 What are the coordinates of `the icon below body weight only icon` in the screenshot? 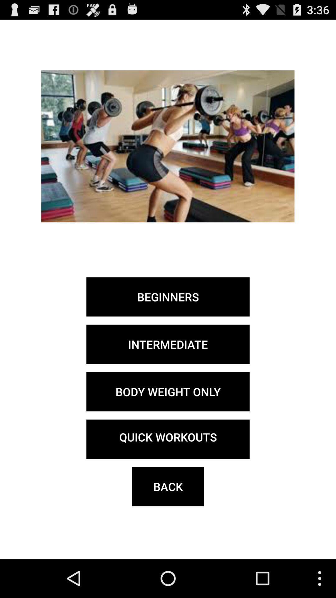 It's located at (168, 439).